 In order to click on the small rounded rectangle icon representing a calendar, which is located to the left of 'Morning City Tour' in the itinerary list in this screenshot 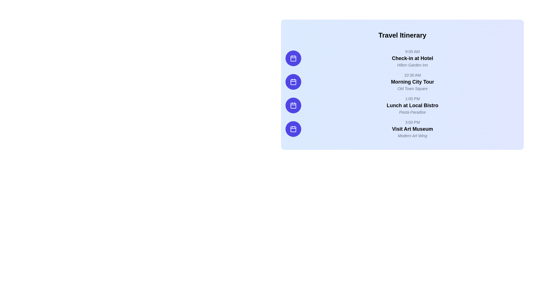, I will do `click(293, 82)`.